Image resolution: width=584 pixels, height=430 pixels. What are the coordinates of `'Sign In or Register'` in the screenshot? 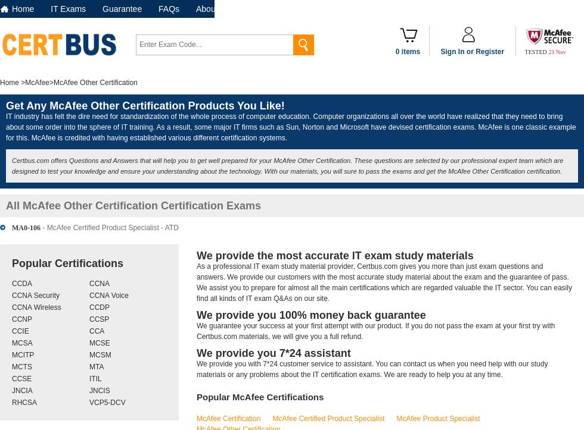 It's located at (440, 51).